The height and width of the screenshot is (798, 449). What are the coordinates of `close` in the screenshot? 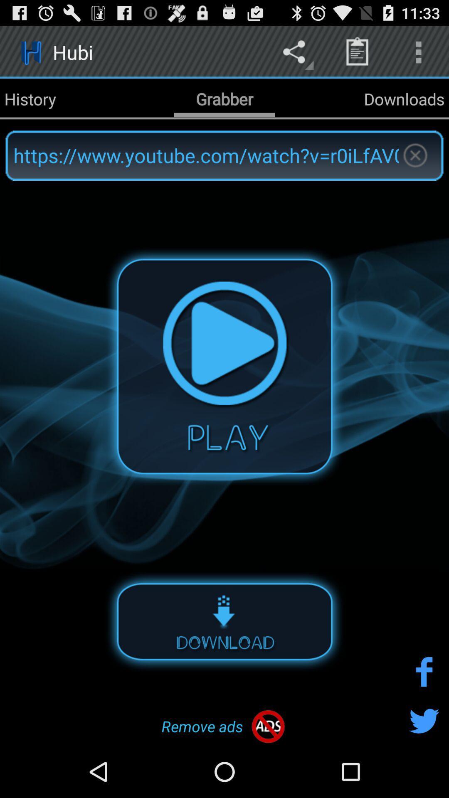 It's located at (415, 155).